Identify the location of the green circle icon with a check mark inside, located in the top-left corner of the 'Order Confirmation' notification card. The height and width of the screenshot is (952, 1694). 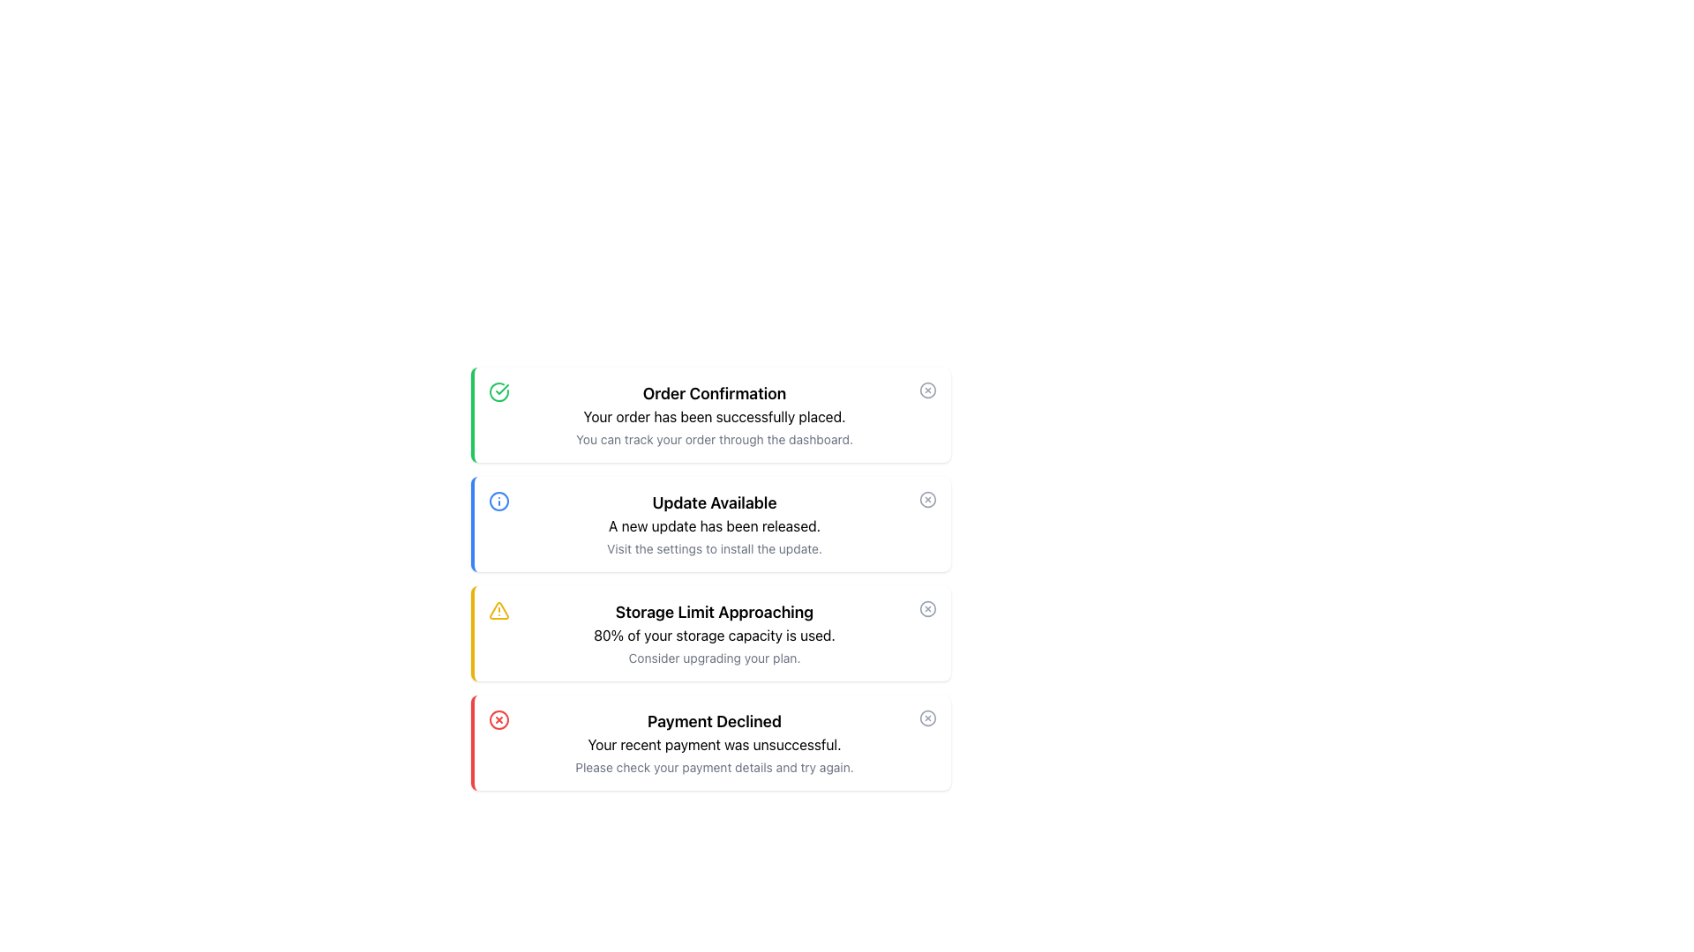
(498, 390).